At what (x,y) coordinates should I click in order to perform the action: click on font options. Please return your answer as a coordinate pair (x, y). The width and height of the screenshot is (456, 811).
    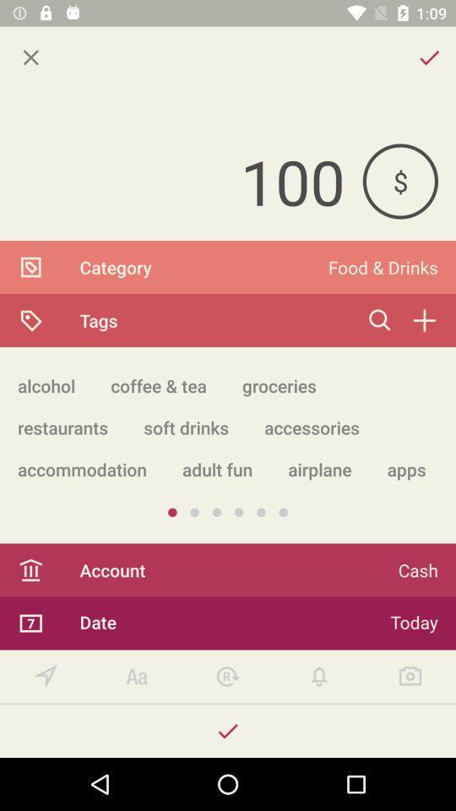
    Looking at the image, I should click on (136, 677).